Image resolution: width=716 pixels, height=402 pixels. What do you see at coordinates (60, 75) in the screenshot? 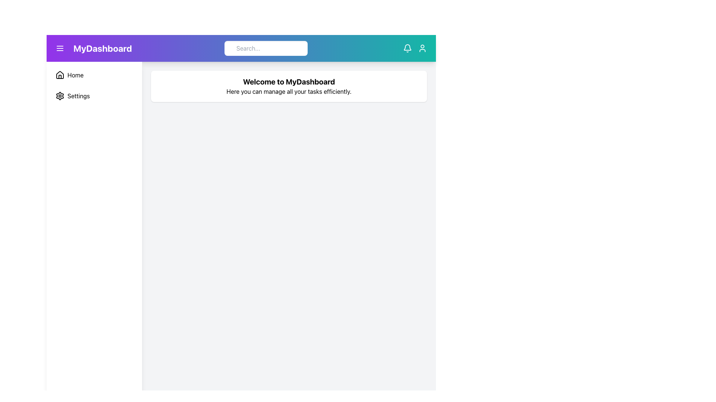
I see `the 'Home' icon in the navigation menu` at bounding box center [60, 75].